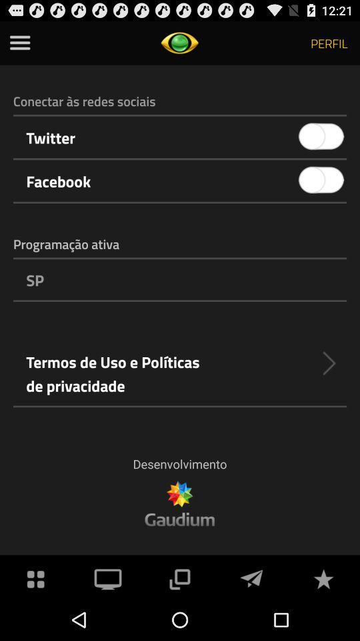 This screenshot has width=360, height=641. Describe the element at coordinates (19, 43) in the screenshot. I see `menu icon` at that location.